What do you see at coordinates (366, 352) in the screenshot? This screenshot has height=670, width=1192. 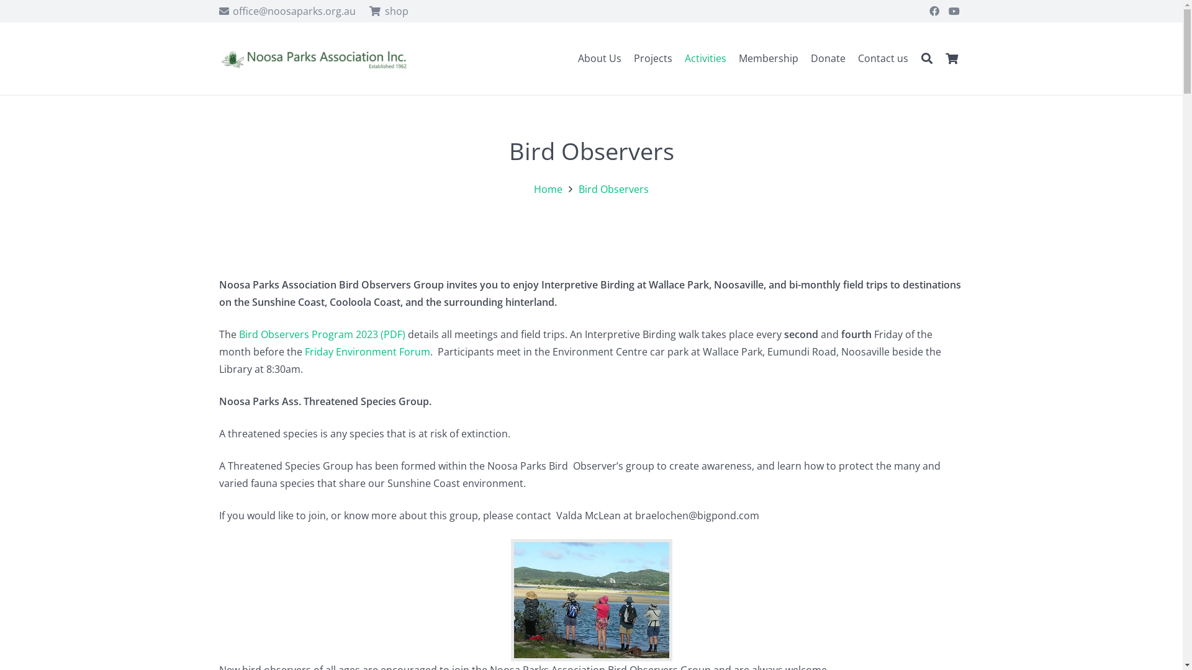 I see `'Friday Environment Forum'` at bounding box center [366, 352].